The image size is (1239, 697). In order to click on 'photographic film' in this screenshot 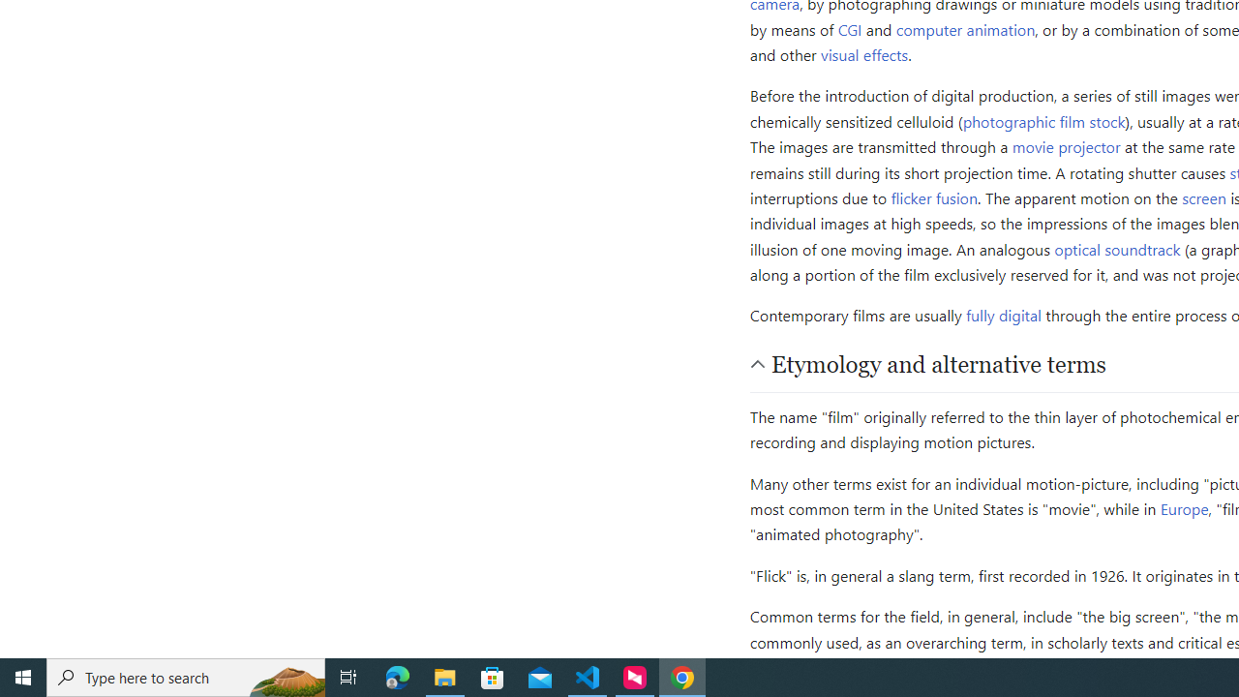, I will do `click(1023, 120)`.